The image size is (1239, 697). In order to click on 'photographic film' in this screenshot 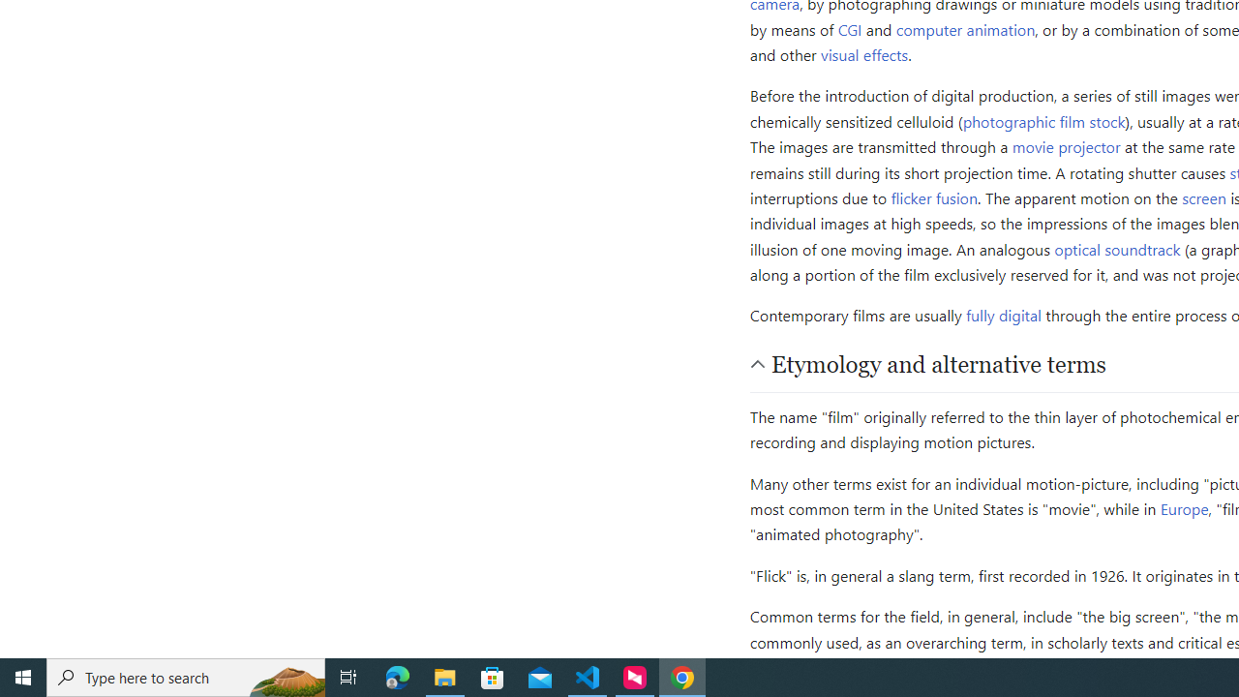, I will do `click(1023, 120)`.